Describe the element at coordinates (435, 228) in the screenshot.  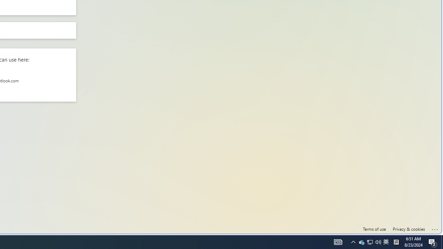
I see `'Click here for troubleshooting information'` at that location.